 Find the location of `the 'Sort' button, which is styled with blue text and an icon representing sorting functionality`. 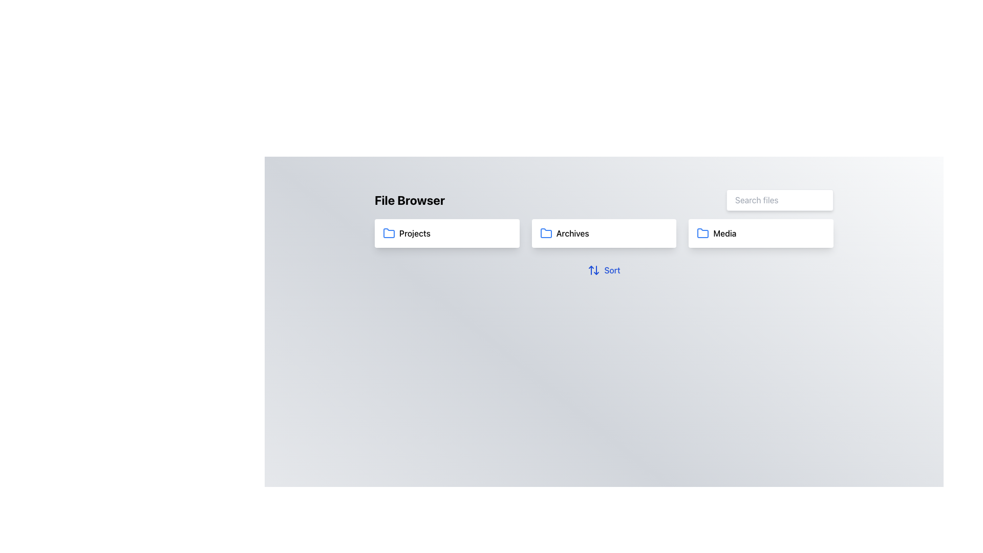

the 'Sort' button, which is styled with blue text and an icon representing sorting functionality is located at coordinates (604, 270).